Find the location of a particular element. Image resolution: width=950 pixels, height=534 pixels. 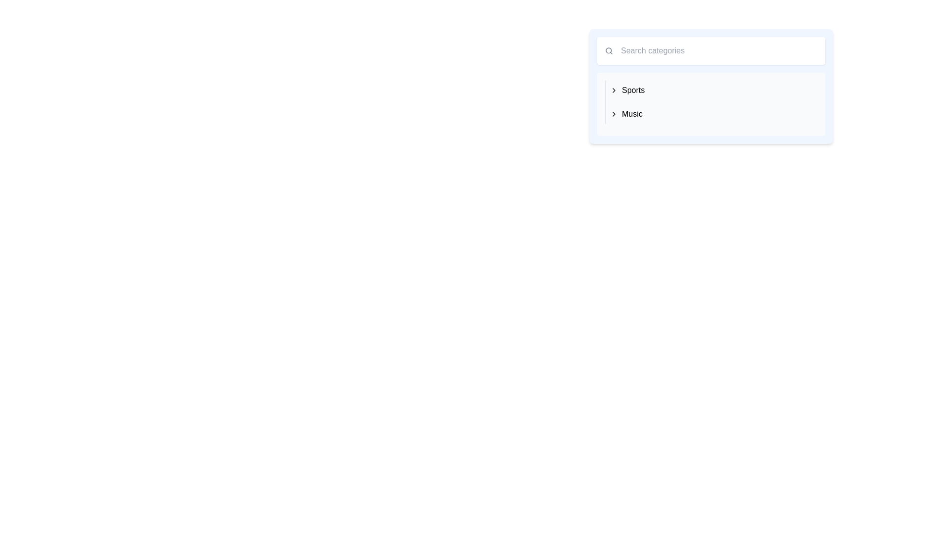

the rightward-pointing chevron icon located immediately to the left of the 'Sports' text in the navigation panel is located at coordinates (614, 90).